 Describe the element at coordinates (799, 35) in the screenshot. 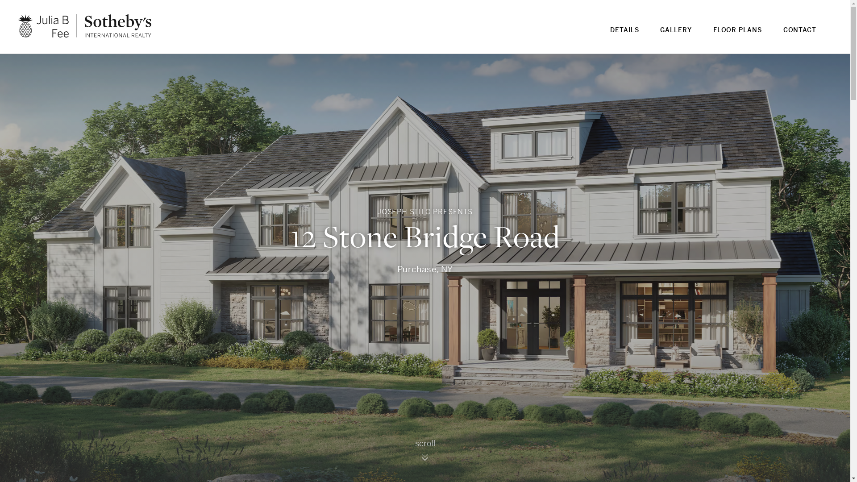

I see `'CONTACT'` at that location.